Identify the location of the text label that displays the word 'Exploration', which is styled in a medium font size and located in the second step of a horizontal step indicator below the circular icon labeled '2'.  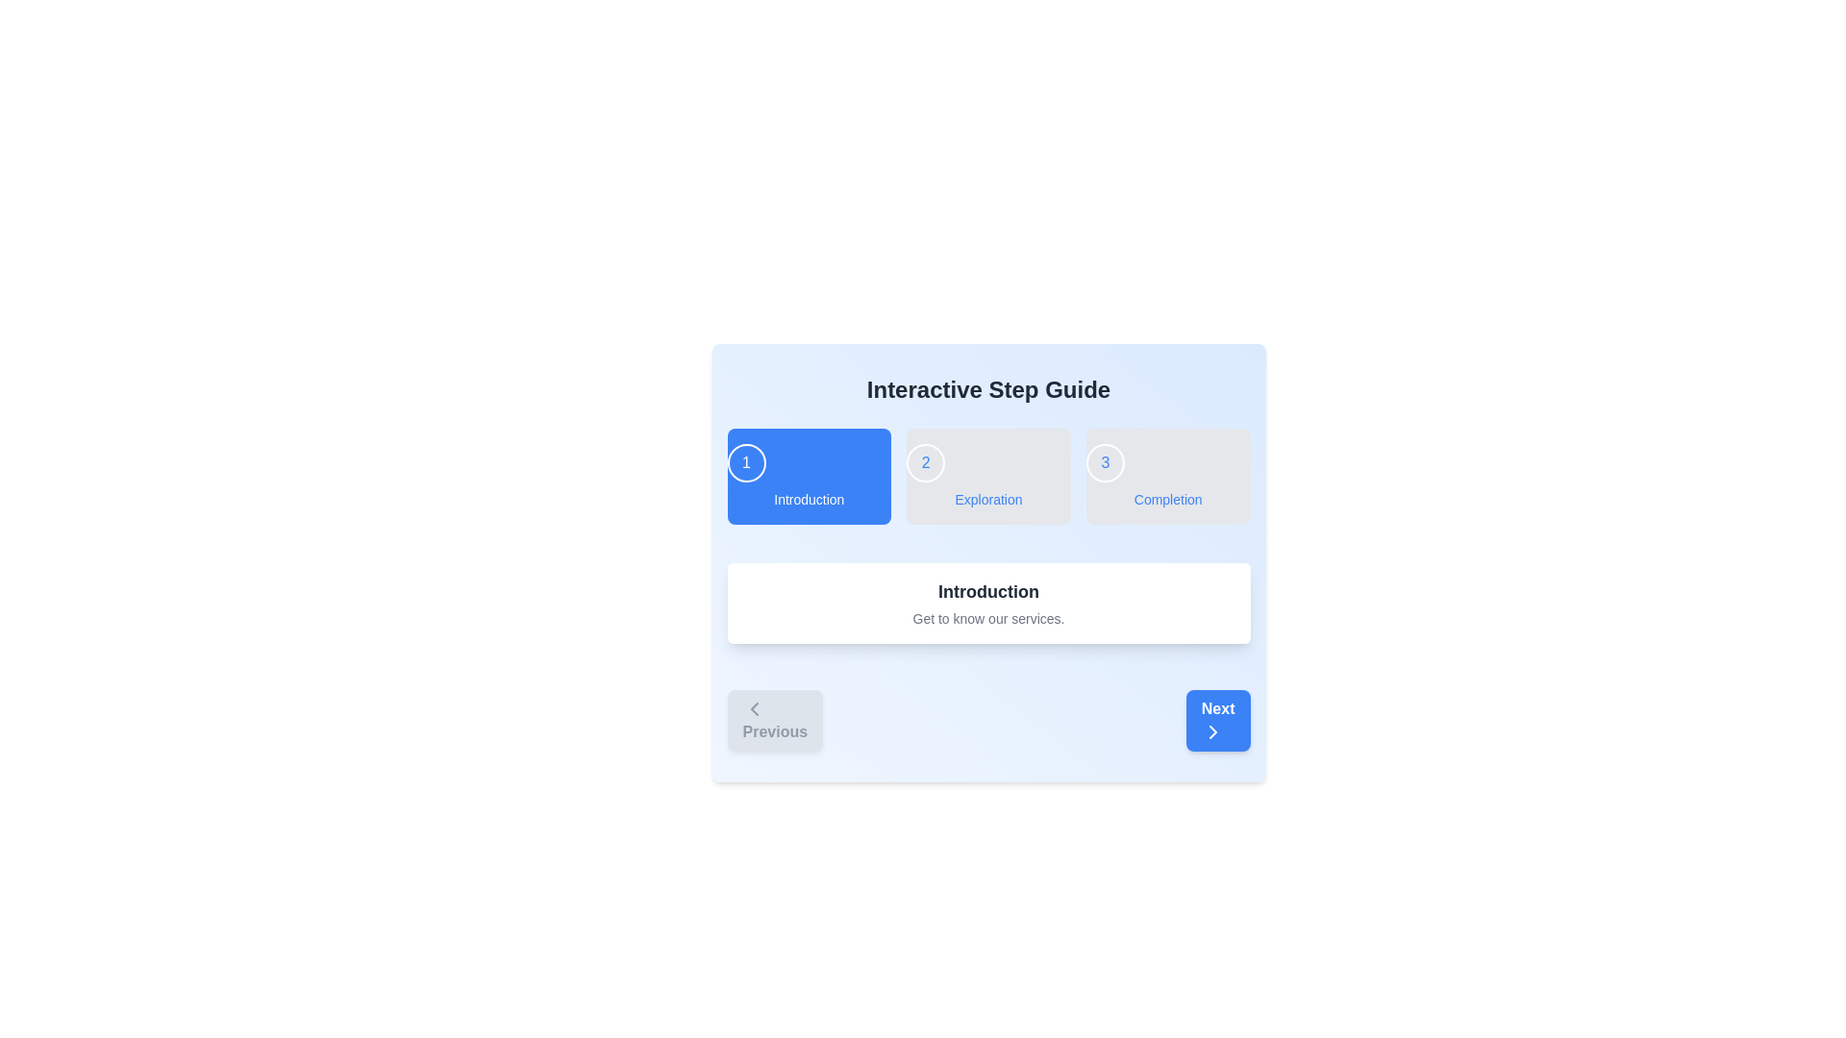
(988, 499).